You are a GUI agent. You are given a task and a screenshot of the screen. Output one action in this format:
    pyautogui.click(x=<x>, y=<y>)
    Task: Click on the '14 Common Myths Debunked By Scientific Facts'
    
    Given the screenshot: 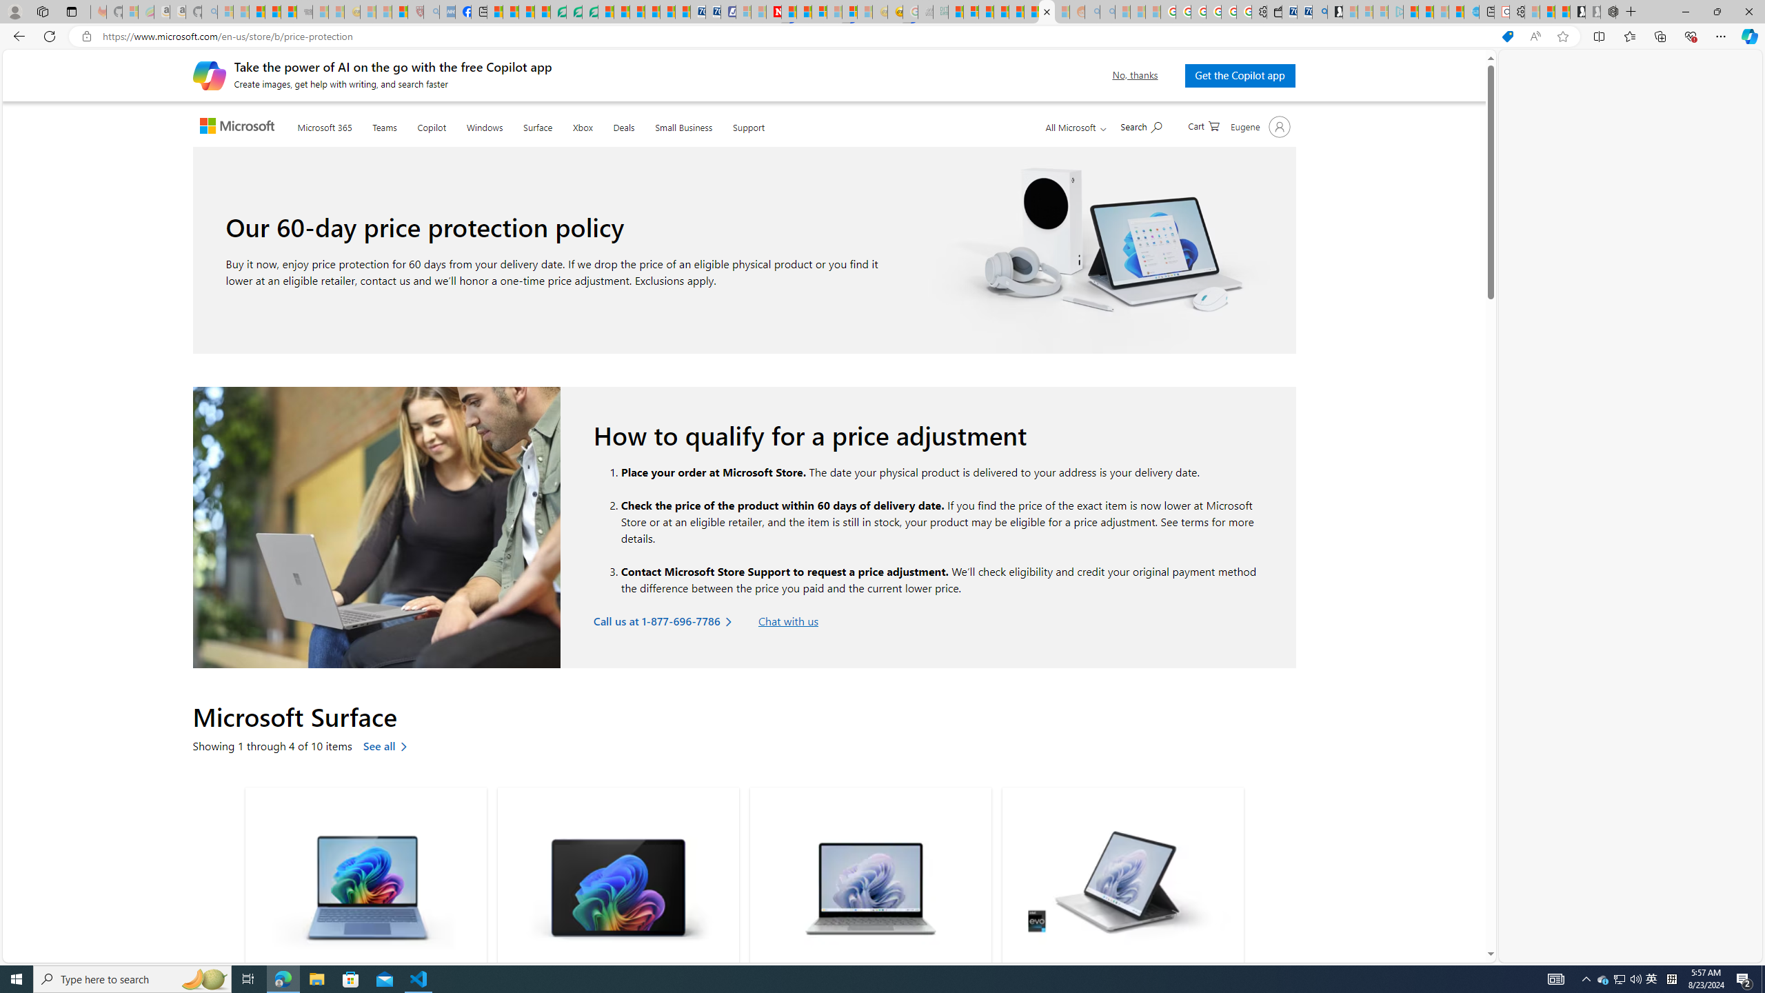 What is the action you would take?
    pyautogui.click(x=803, y=11)
    